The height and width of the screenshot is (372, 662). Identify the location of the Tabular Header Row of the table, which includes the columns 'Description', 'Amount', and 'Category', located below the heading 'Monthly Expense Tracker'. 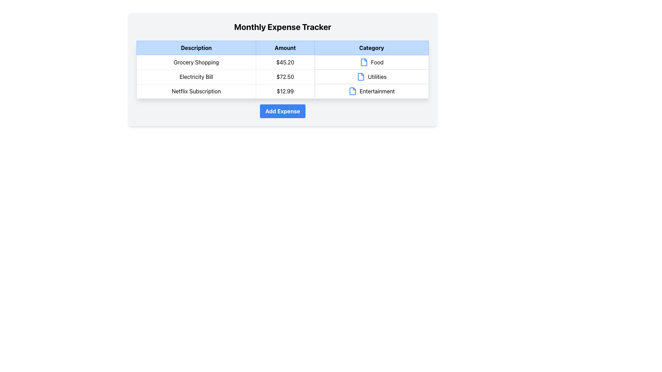
(283, 47).